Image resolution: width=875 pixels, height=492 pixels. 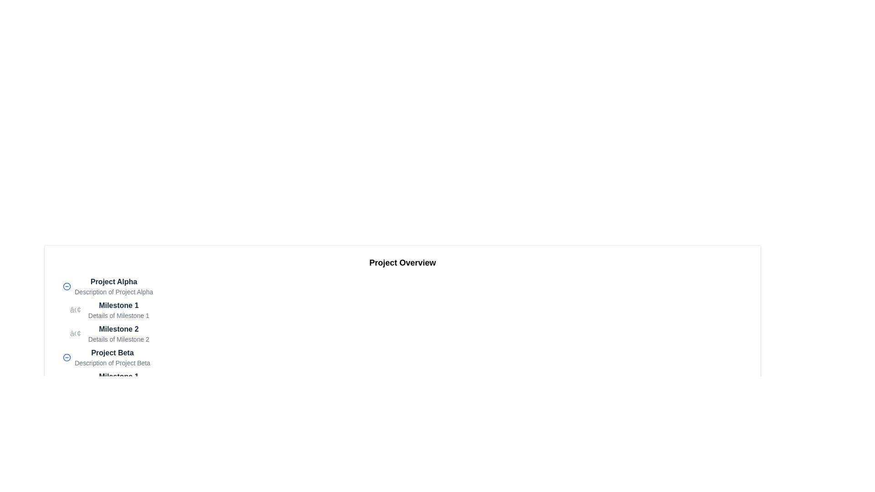 What do you see at coordinates (112, 363) in the screenshot?
I see `the text label displaying 'Description of Project Beta', which is positioned directly beneath the heading 'Project Beta'` at bounding box center [112, 363].